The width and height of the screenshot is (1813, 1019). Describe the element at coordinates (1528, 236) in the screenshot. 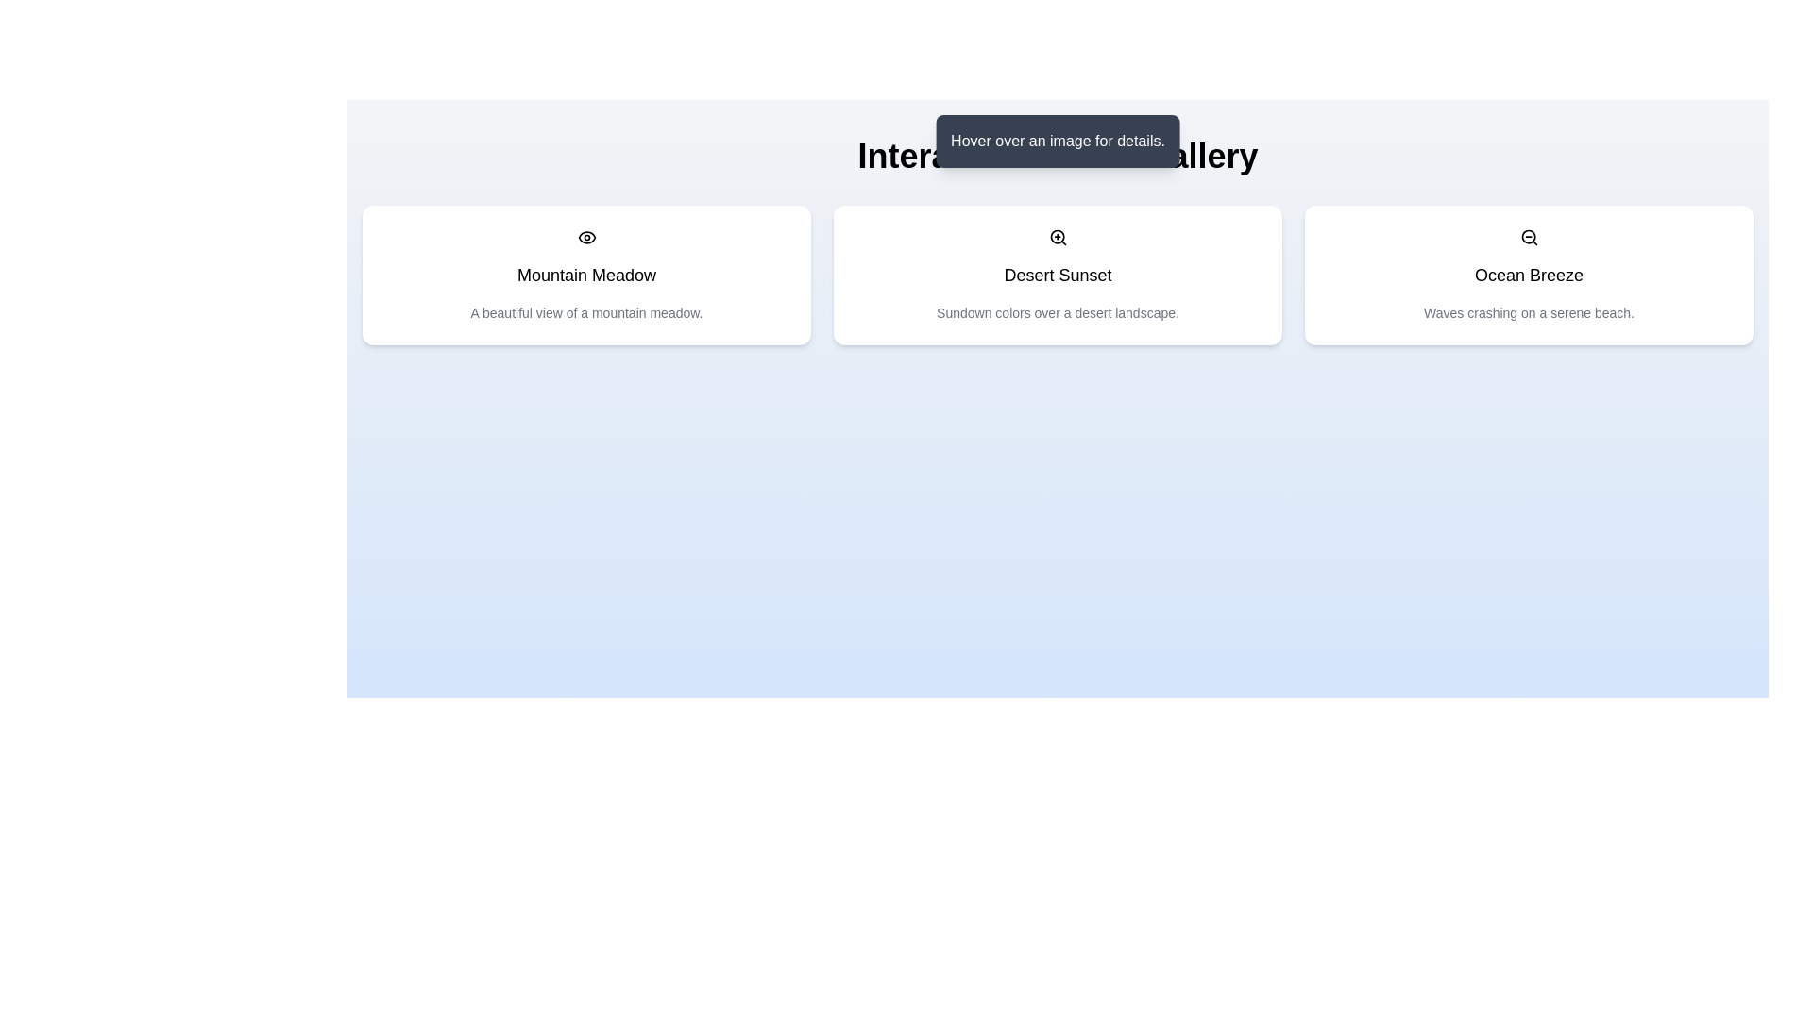

I see `the SVG circle element that represents the zoom-out functionality within the magnifying glass icon, located above the title text 'Ocean Breeze'` at that location.